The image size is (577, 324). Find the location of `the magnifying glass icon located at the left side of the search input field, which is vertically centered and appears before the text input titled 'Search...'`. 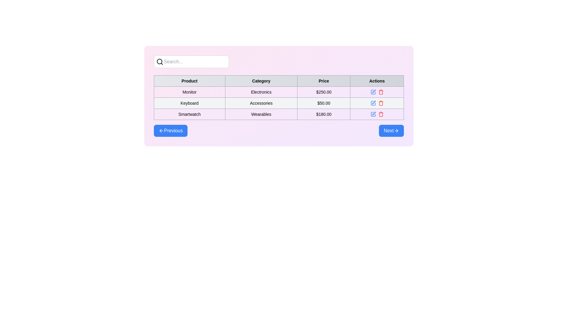

the magnifying glass icon located at the left side of the search input field, which is vertically centered and appears before the text input titled 'Search...' is located at coordinates (160, 61).